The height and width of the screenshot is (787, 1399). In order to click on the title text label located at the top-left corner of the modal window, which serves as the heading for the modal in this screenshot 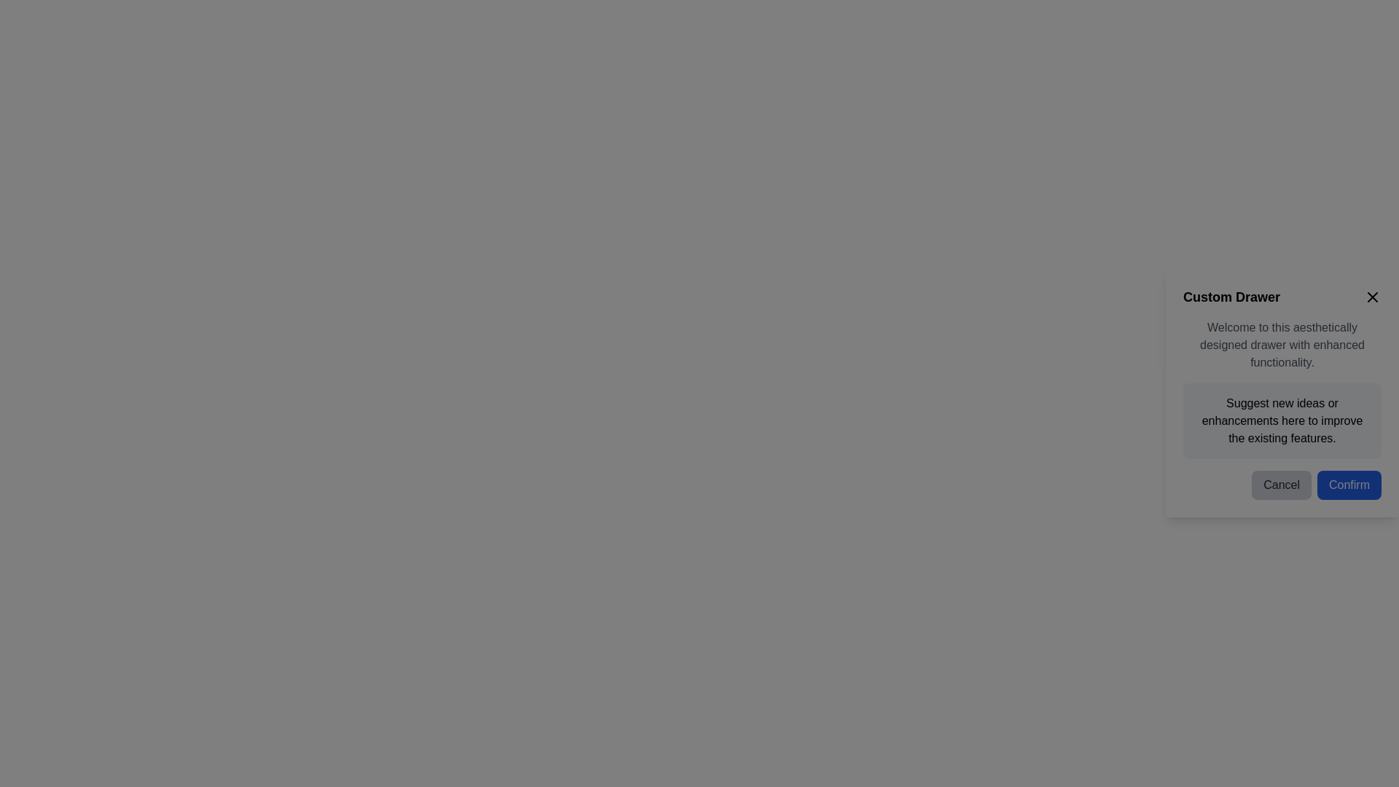, I will do `click(1231, 297)`.